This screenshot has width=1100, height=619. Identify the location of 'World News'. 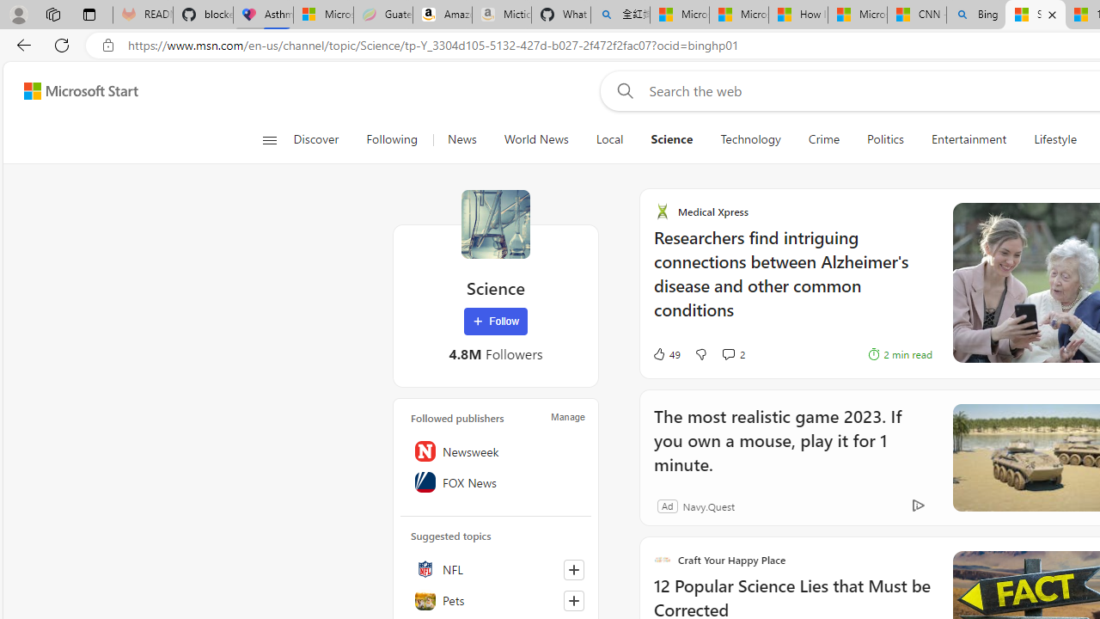
(535, 139).